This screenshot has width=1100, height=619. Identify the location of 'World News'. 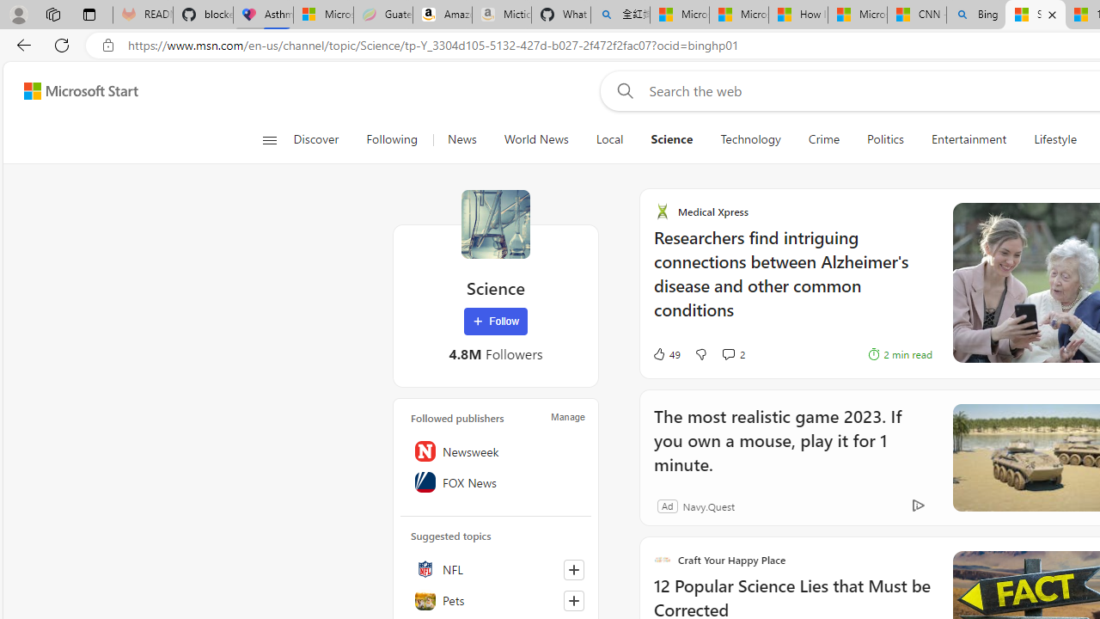
(535, 139).